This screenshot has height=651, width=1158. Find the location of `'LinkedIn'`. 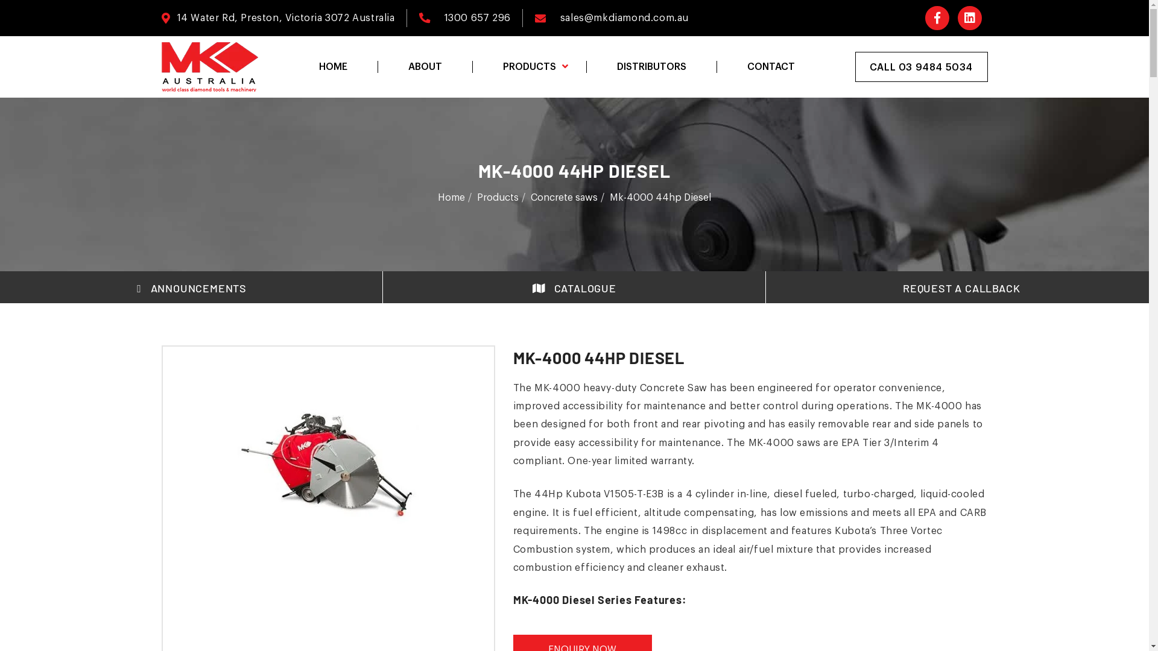

'LinkedIn' is located at coordinates (970, 18).